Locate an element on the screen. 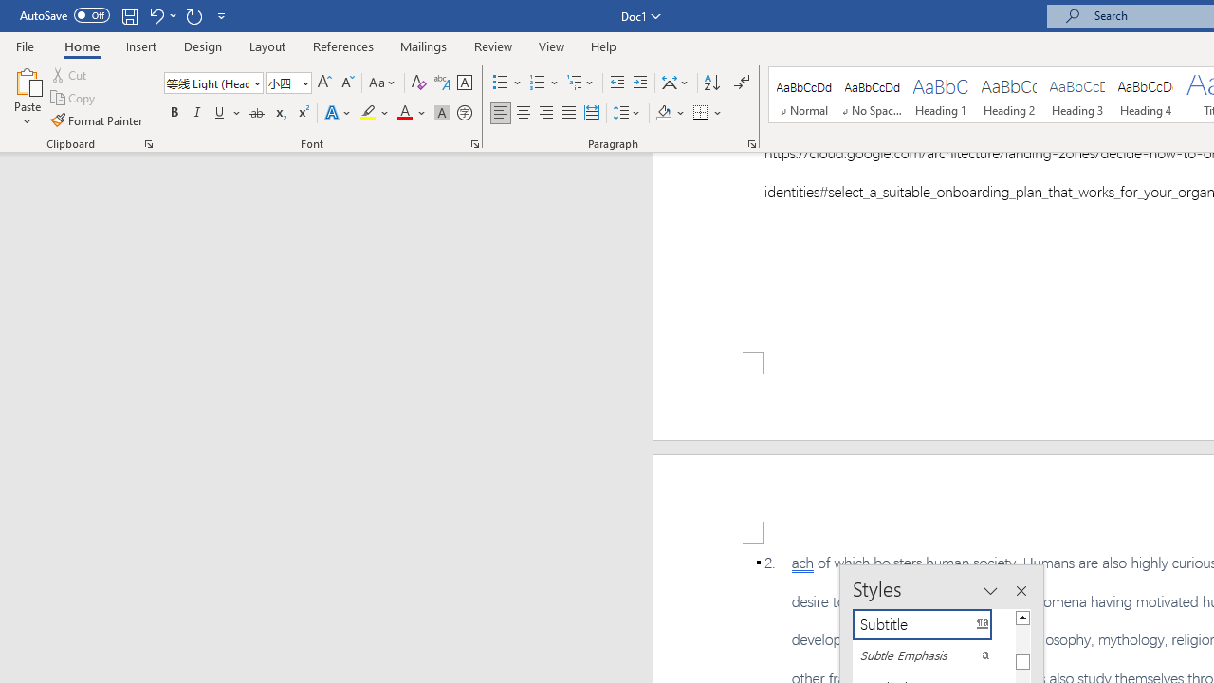 The image size is (1214, 683). 'Shading' is located at coordinates (671, 113).